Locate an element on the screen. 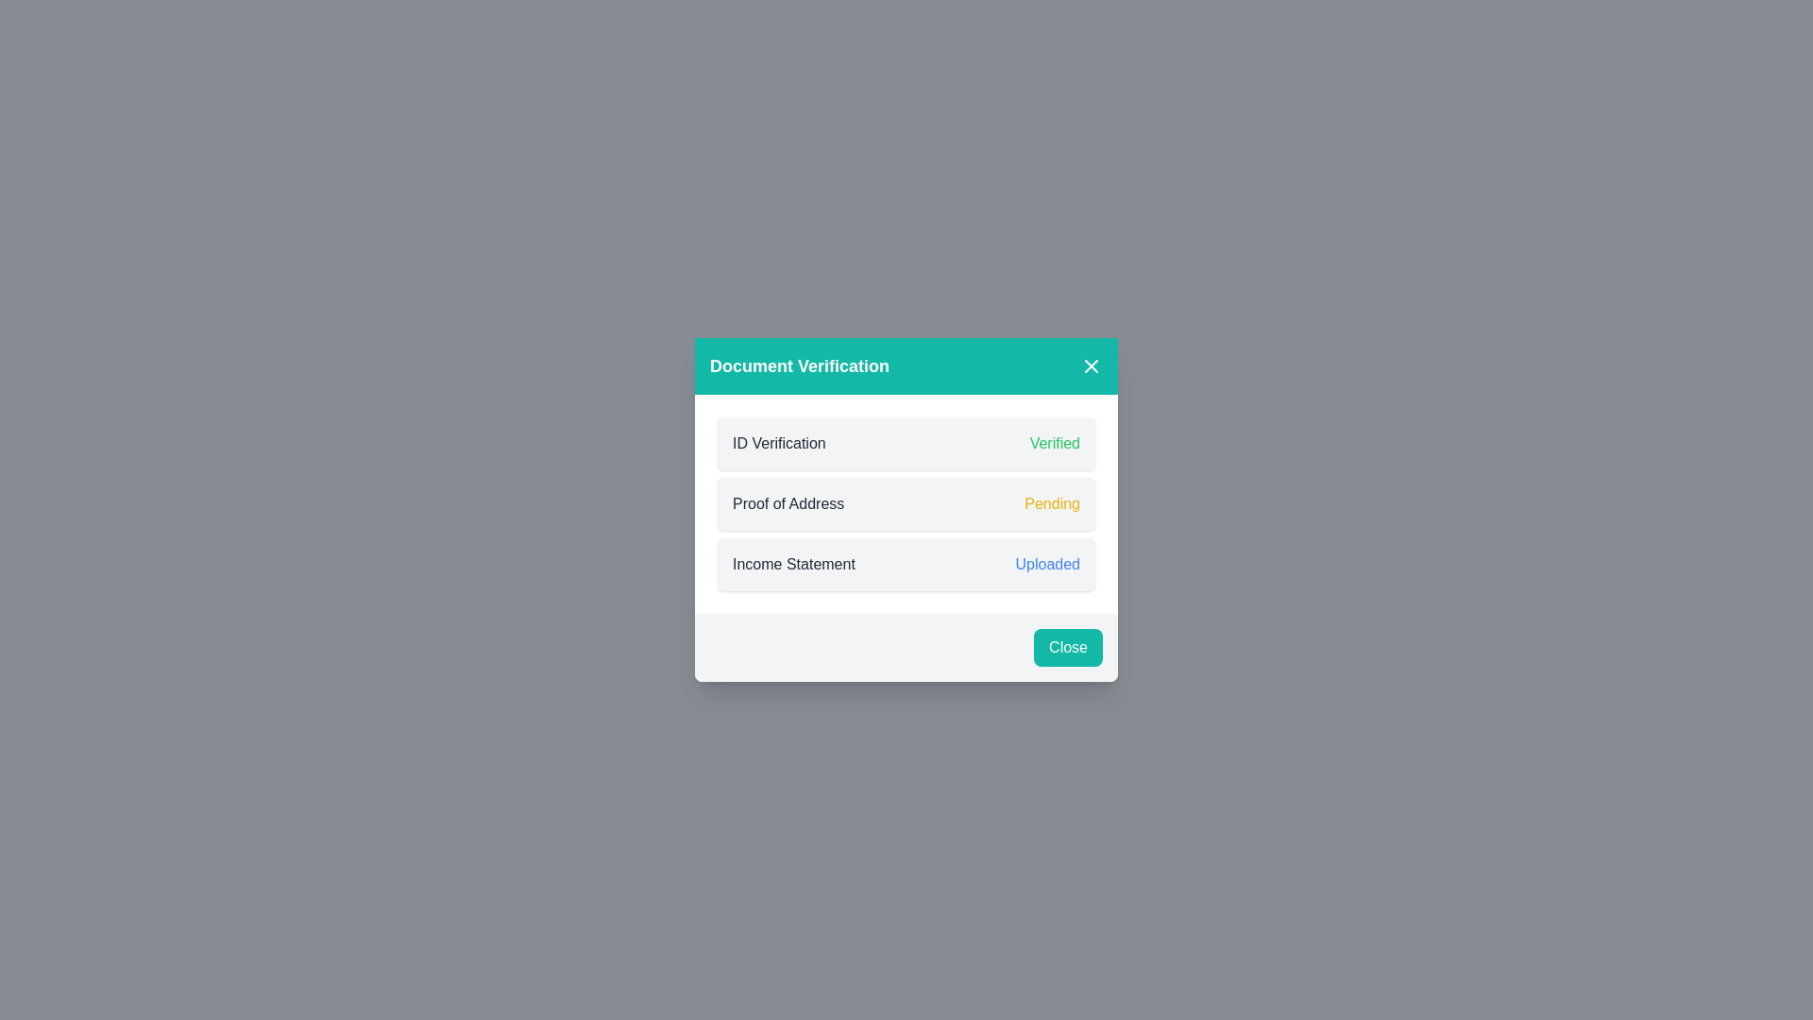 The image size is (1813, 1020). status indicator that shows the upload status of the 'Income Statement' document, positioned below the 'Proof of Address' item in the document verification process is located at coordinates (906, 563).